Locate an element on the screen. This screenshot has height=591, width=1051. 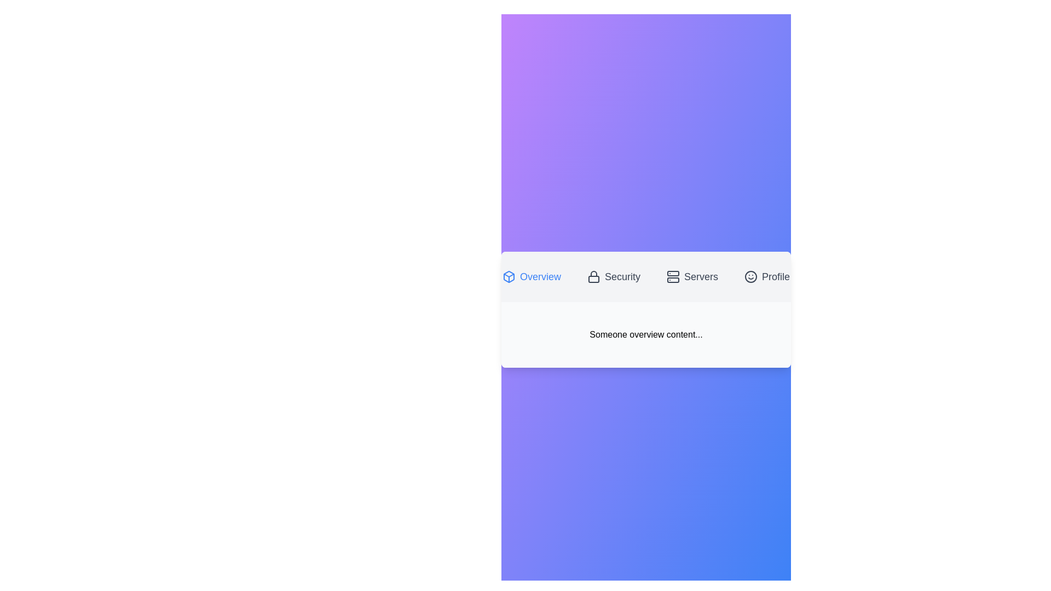
the 'Overview' icon located at the top-left corner of the navigation bar is located at coordinates (508, 276).